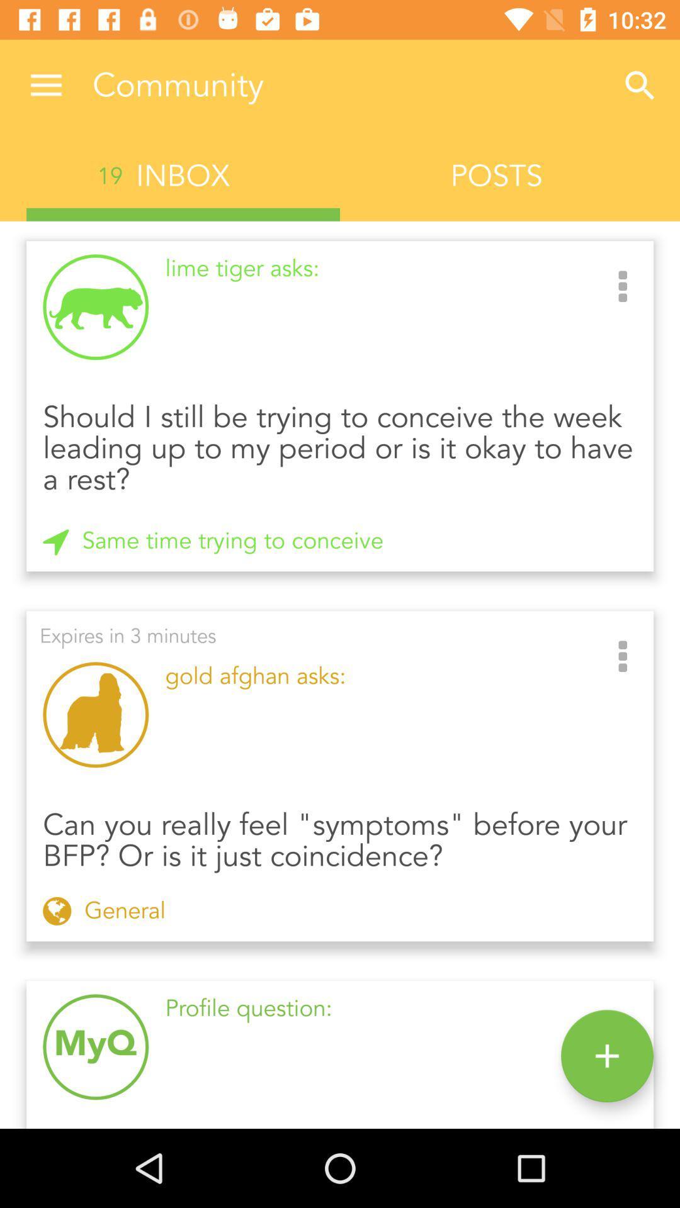 The width and height of the screenshot is (680, 1208). Describe the element at coordinates (45, 85) in the screenshot. I see `item to the left of community item` at that location.